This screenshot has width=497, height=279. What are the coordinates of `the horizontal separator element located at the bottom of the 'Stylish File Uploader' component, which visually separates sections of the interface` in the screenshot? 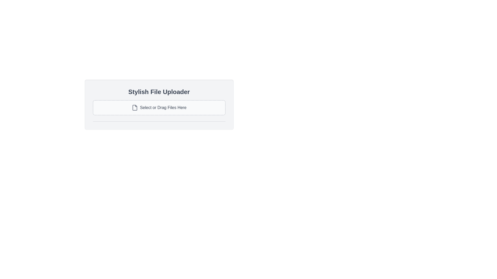 It's located at (159, 121).